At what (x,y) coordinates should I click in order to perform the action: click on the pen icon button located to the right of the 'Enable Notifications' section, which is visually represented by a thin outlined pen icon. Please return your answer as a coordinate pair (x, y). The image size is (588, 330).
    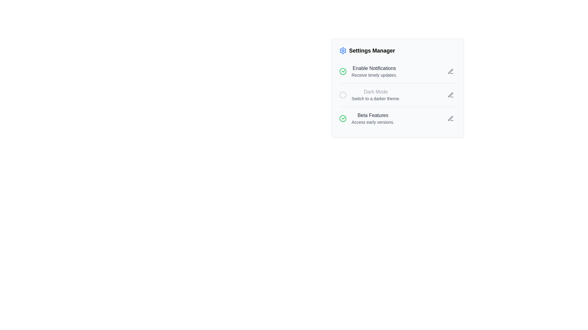
    Looking at the image, I should click on (451, 71).